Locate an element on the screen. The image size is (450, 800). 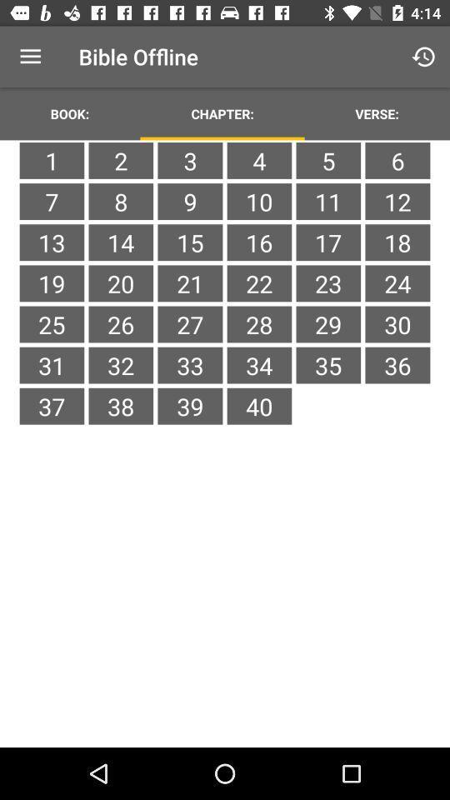
the item to the left of bible offline is located at coordinates (30, 57).